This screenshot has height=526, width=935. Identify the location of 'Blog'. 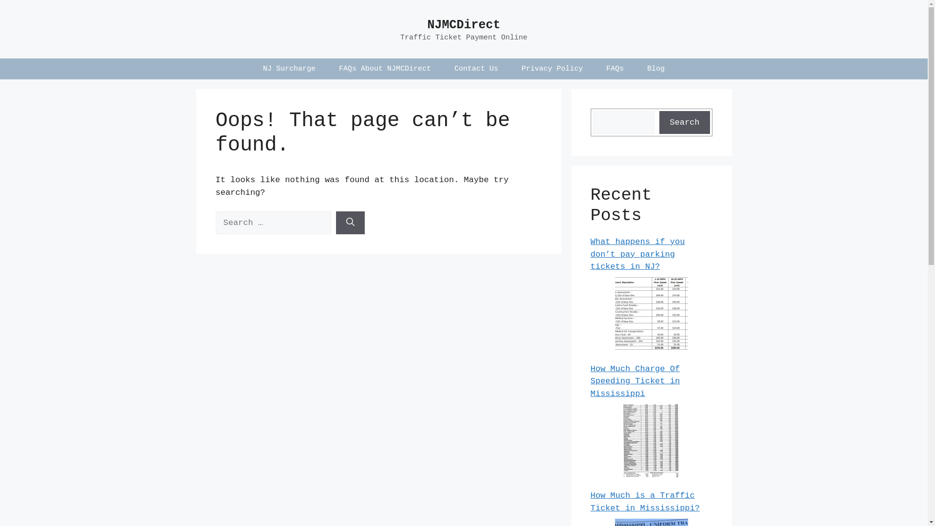
(656, 68).